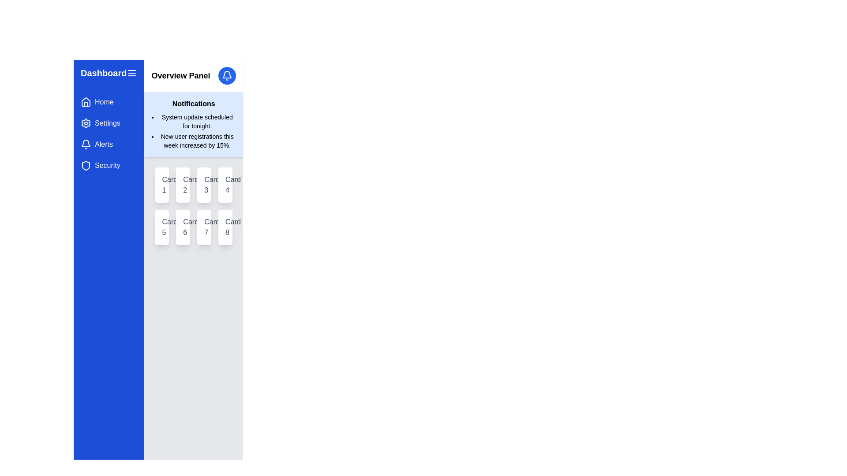 The height and width of the screenshot is (476, 847). Describe the element at coordinates (162, 227) in the screenshot. I see `the first card in the second row of a 2x4 grid layout, which displays information related to 'Card 5'` at that location.